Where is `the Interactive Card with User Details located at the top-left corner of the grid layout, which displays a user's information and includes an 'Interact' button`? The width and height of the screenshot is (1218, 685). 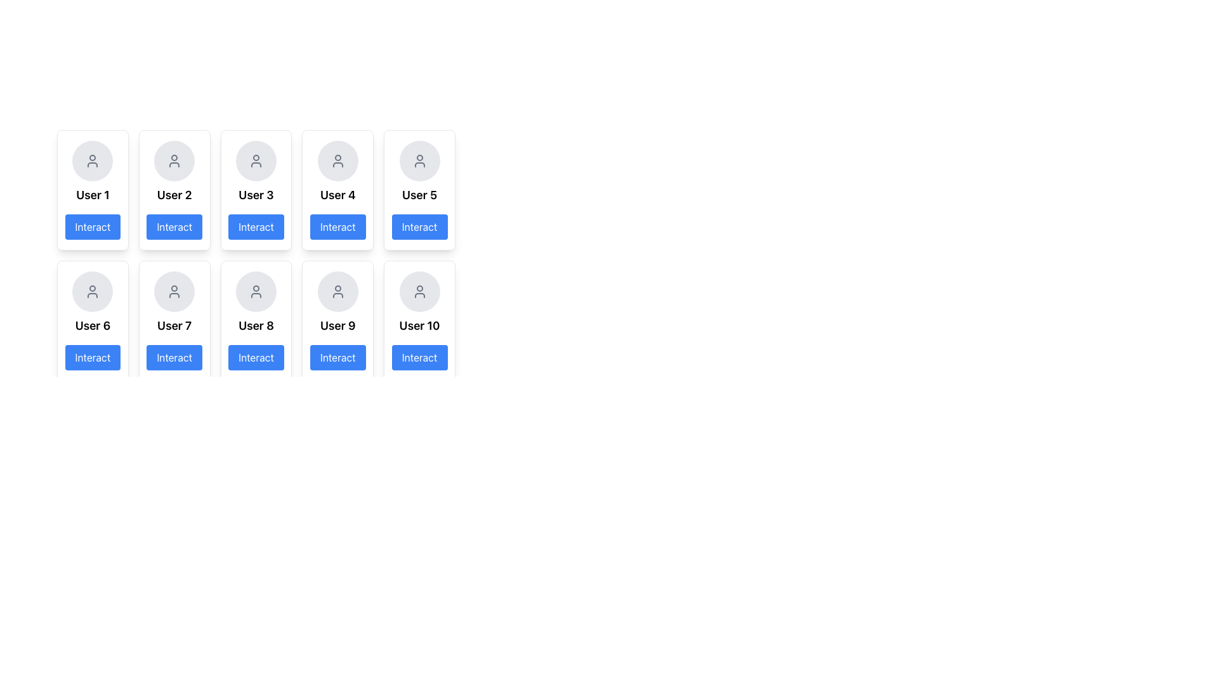
the Interactive Card with User Details located at the top-left corner of the grid layout, which displays a user's information and includes an 'Interact' button is located at coordinates (92, 190).